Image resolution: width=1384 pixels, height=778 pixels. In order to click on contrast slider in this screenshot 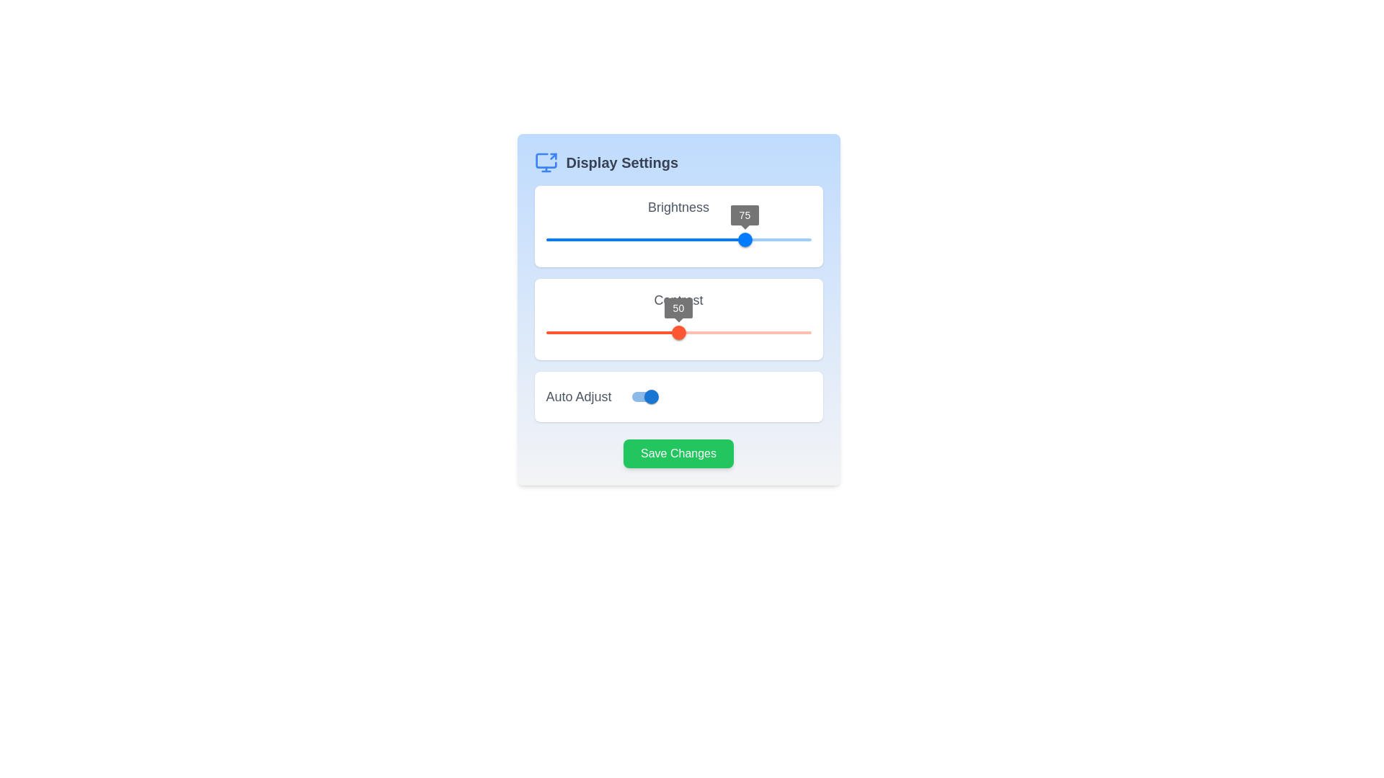, I will do `click(665, 333)`.